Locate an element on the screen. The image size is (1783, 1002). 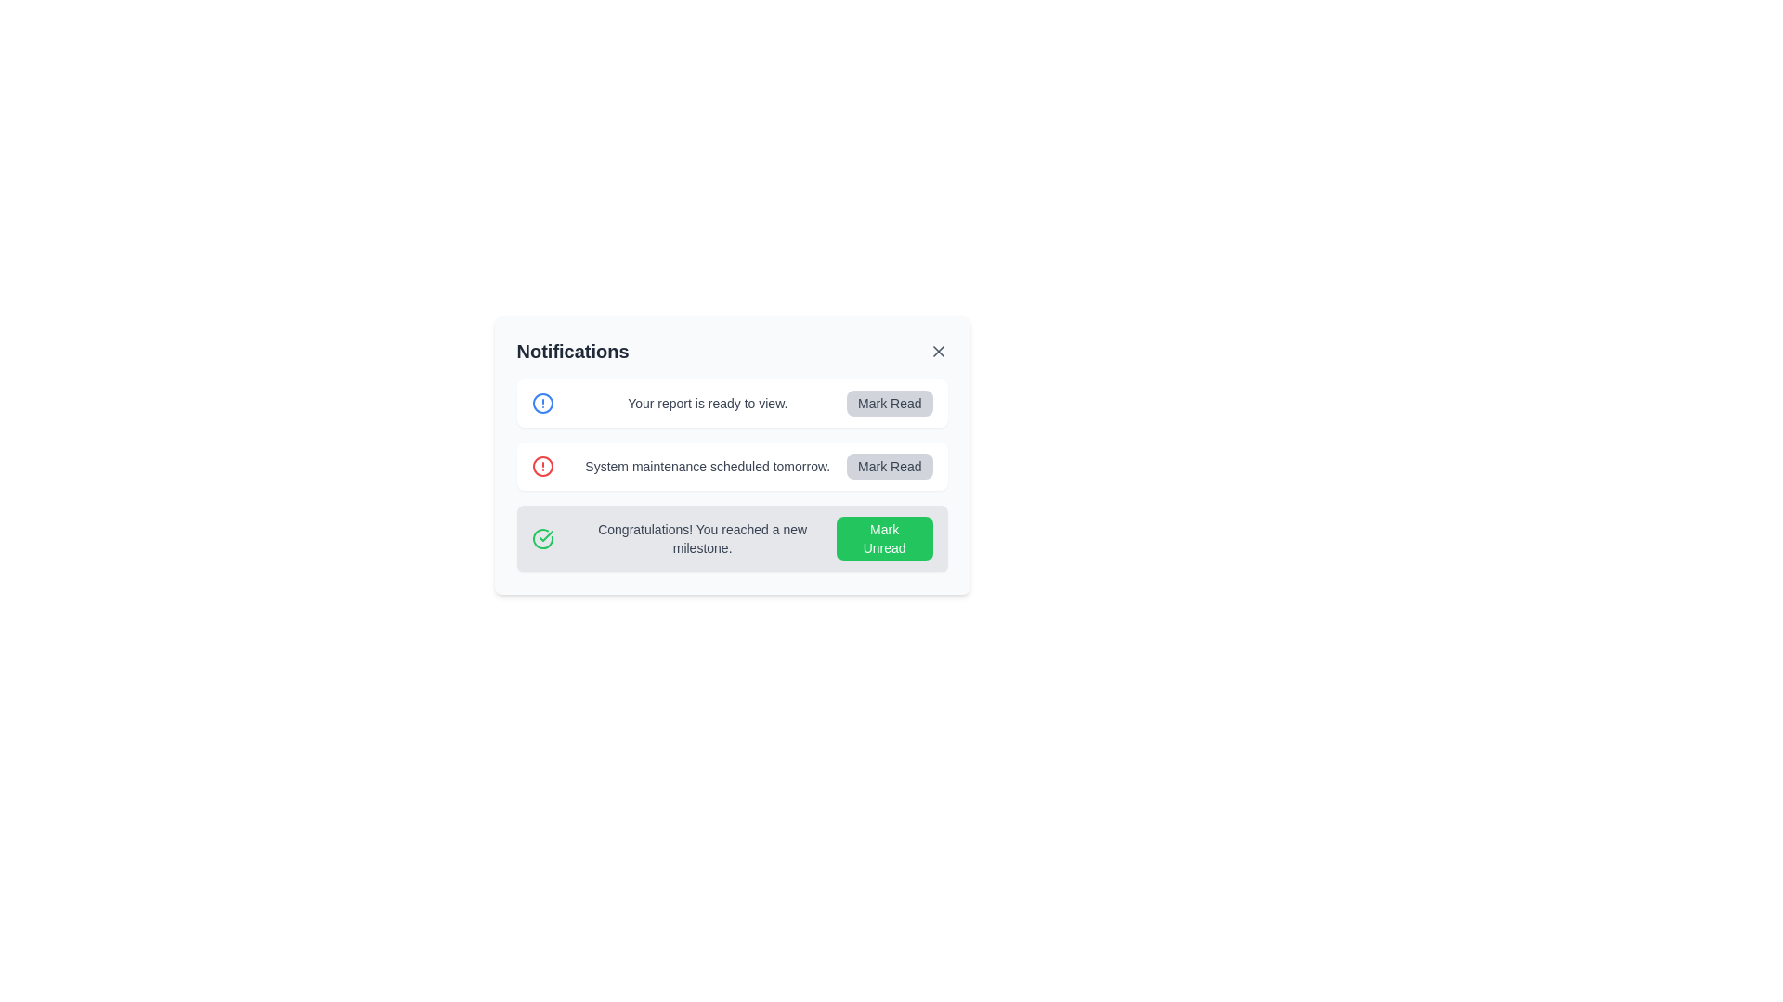
the circular SVG graphical element that visually indicates the first notification in the notification list, located to the left of the notification titled 'Your report is ready is located at coordinates (541, 403).